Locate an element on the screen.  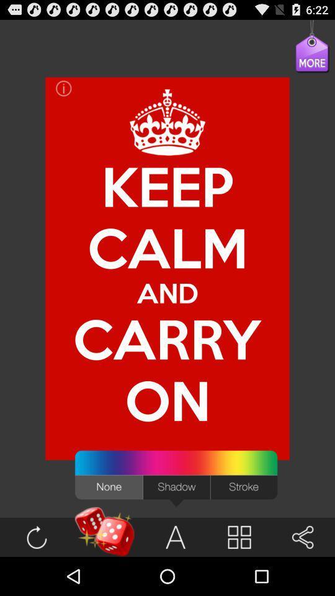
the item below calm icon is located at coordinates (167, 339).